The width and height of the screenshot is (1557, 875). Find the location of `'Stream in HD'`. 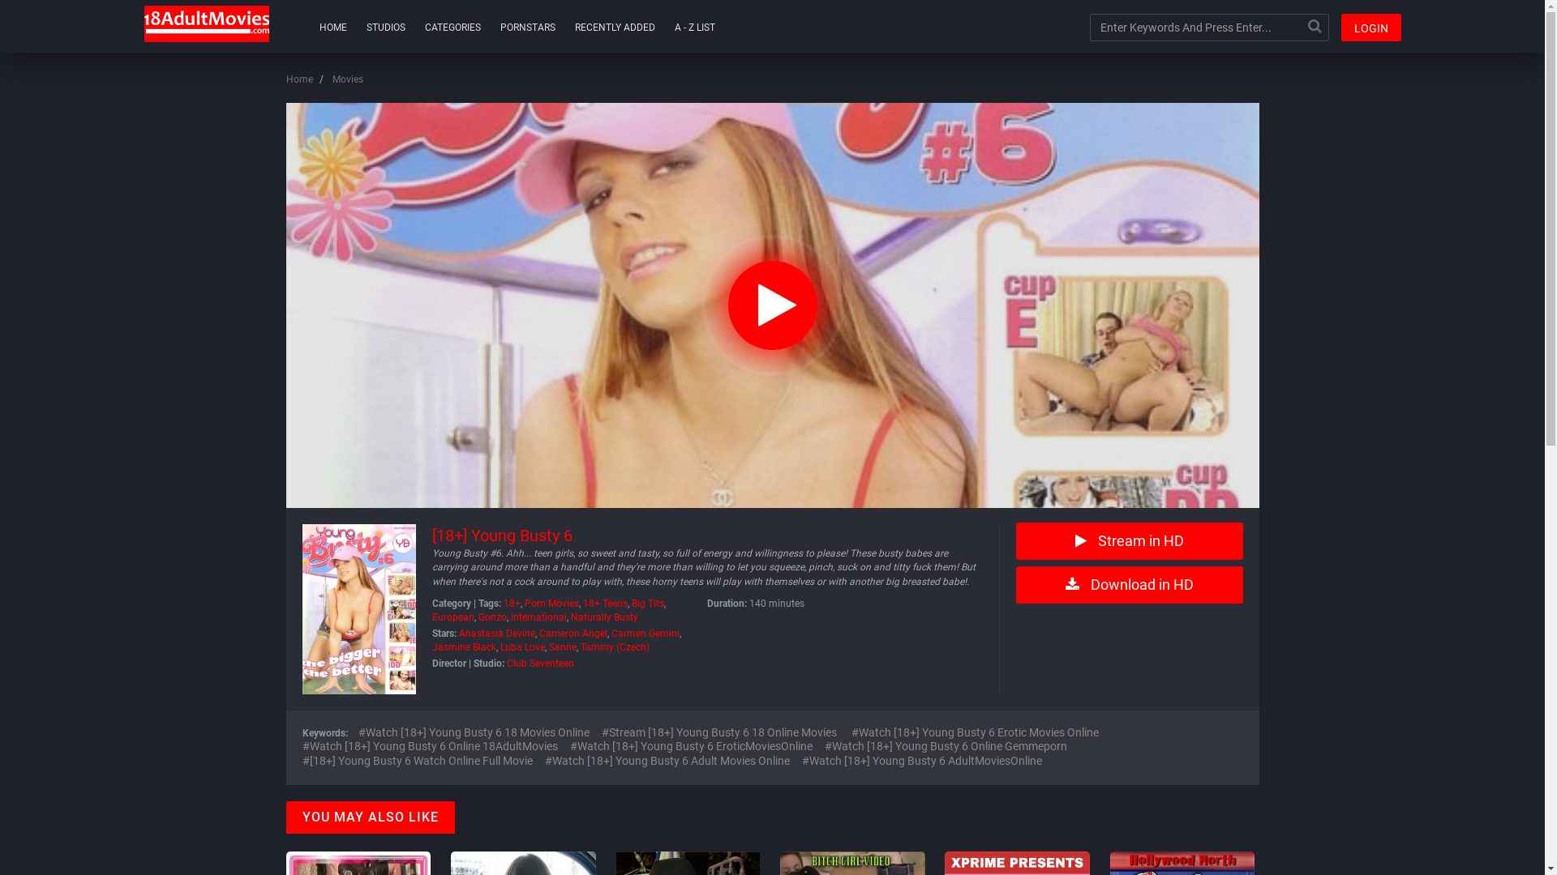

'Stream in HD' is located at coordinates (1128, 540).